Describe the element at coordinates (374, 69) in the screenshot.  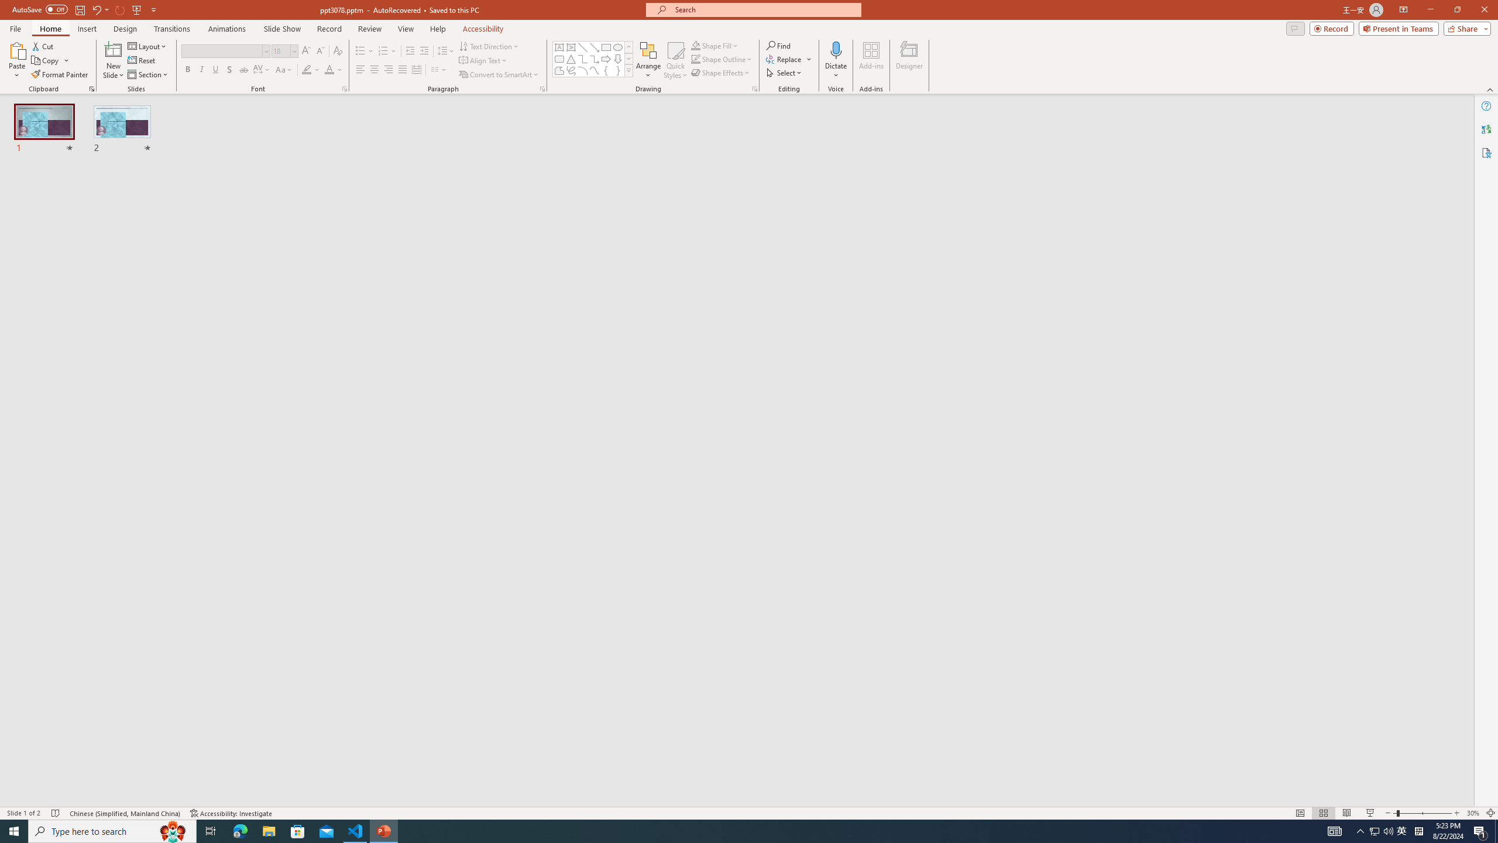
I see `'Center'` at that location.